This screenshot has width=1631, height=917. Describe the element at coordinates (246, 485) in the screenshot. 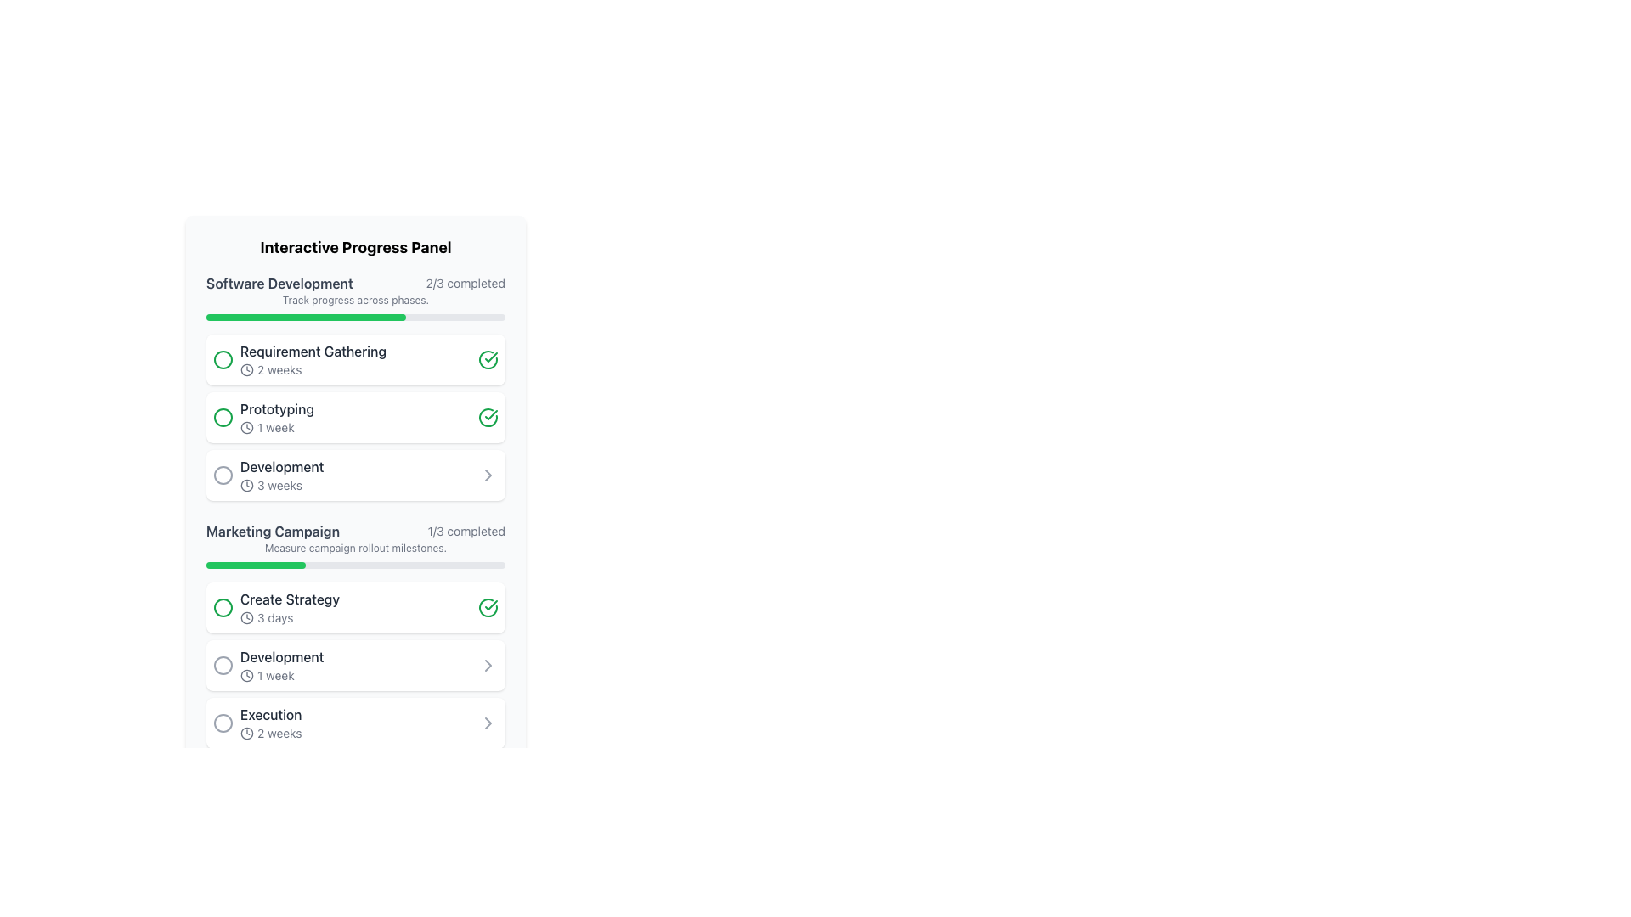

I see `the circular graphical element within the clock icon adjacent to the 'Development' text indicating '3 weeks'` at that location.